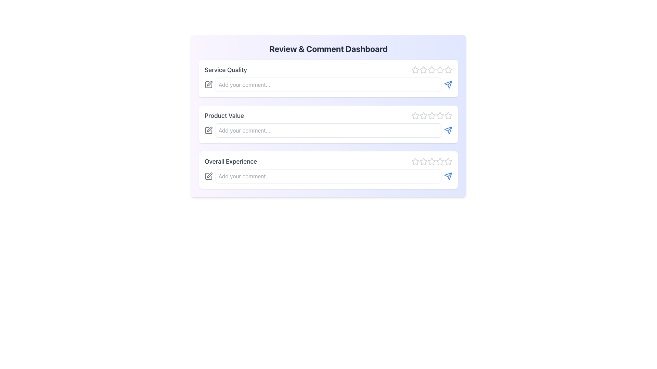  What do you see at coordinates (415, 70) in the screenshot?
I see `the first star in the rating section for 'Service Quality' to provide visual feedback` at bounding box center [415, 70].